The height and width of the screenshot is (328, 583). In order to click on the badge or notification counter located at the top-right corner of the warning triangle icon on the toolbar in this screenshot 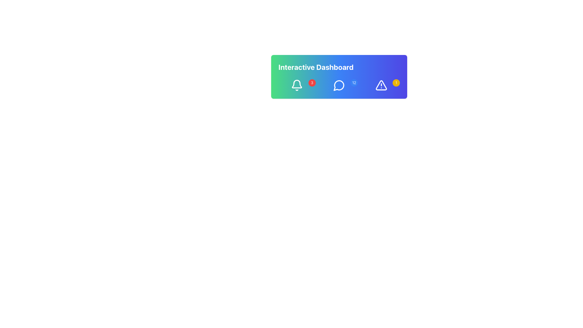, I will do `click(396, 83)`.